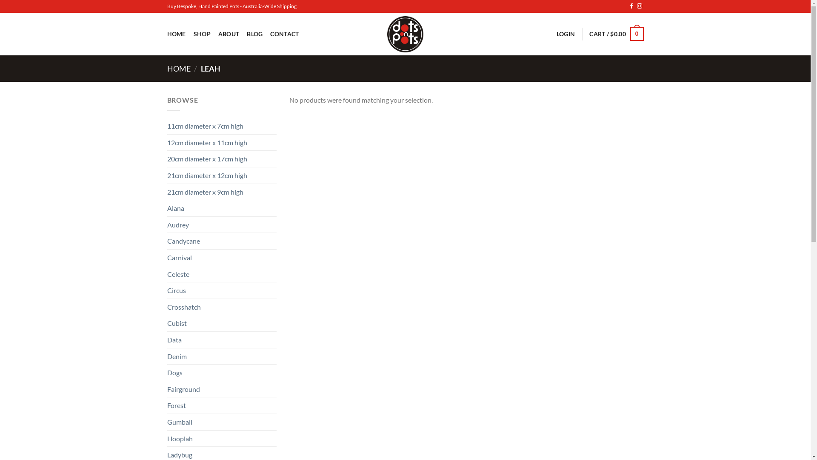  What do you see at coordinates (167, 339) in the screenshot?
I see `'Data'` at bounding box center [167, 339].